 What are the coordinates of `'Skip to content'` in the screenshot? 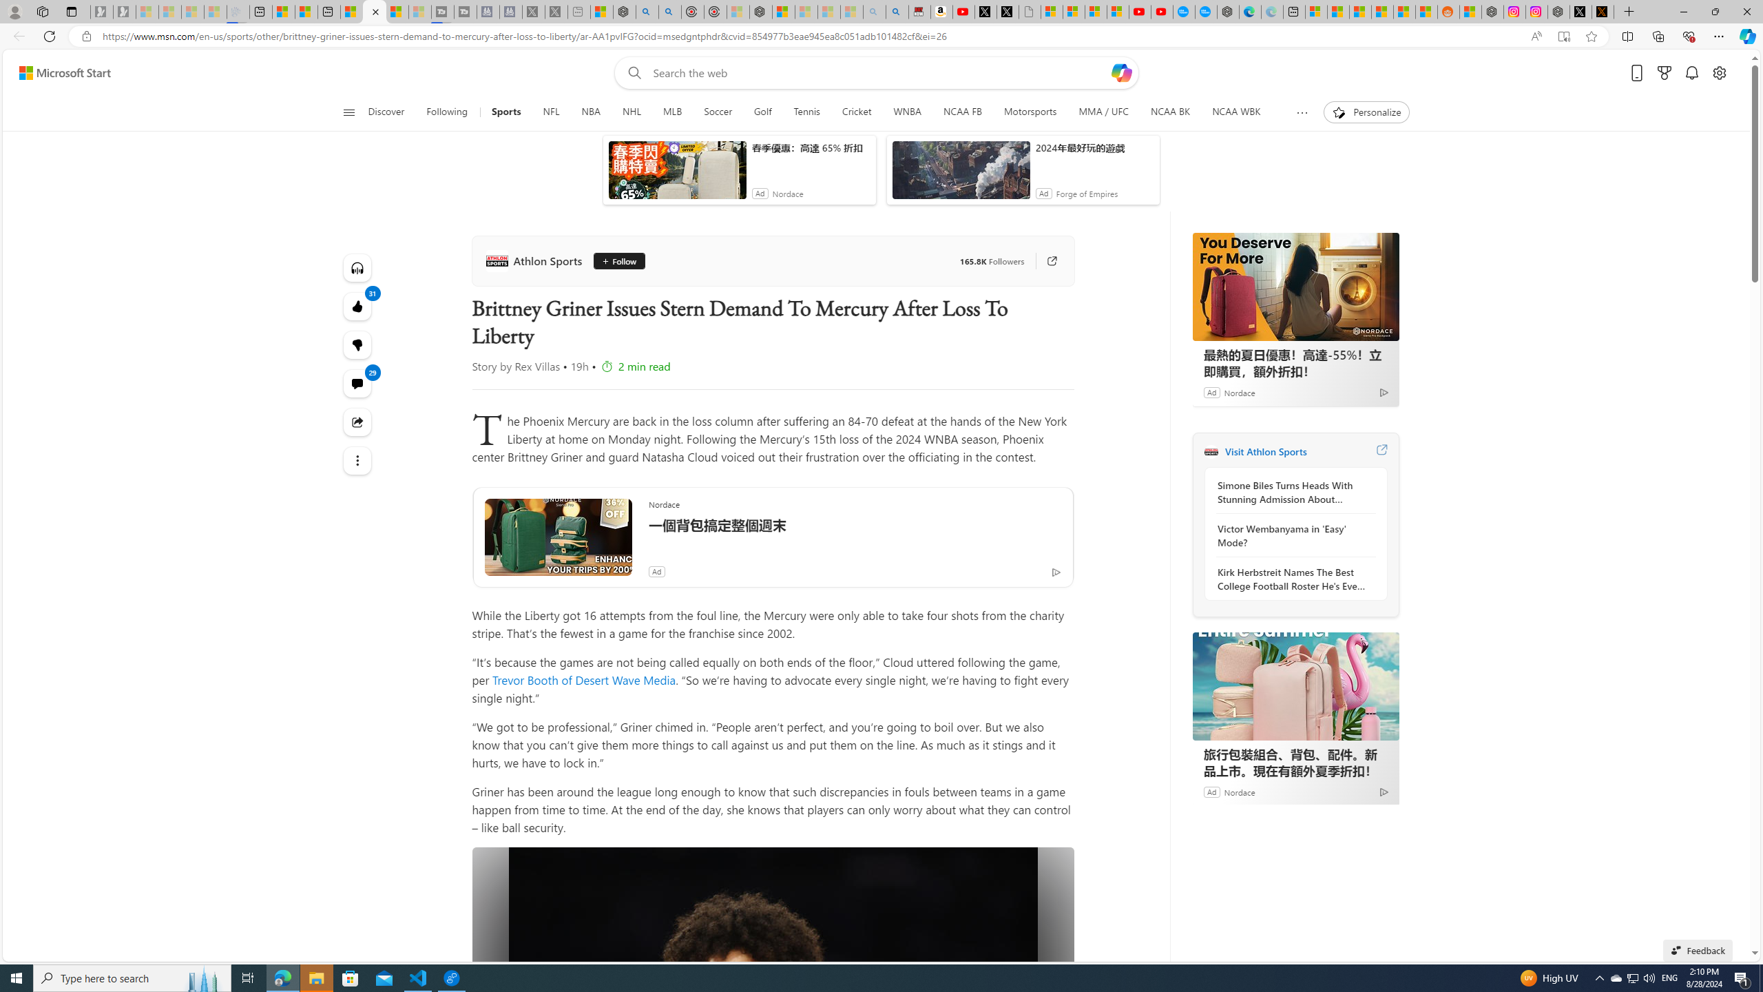 It's located at (59, 72).